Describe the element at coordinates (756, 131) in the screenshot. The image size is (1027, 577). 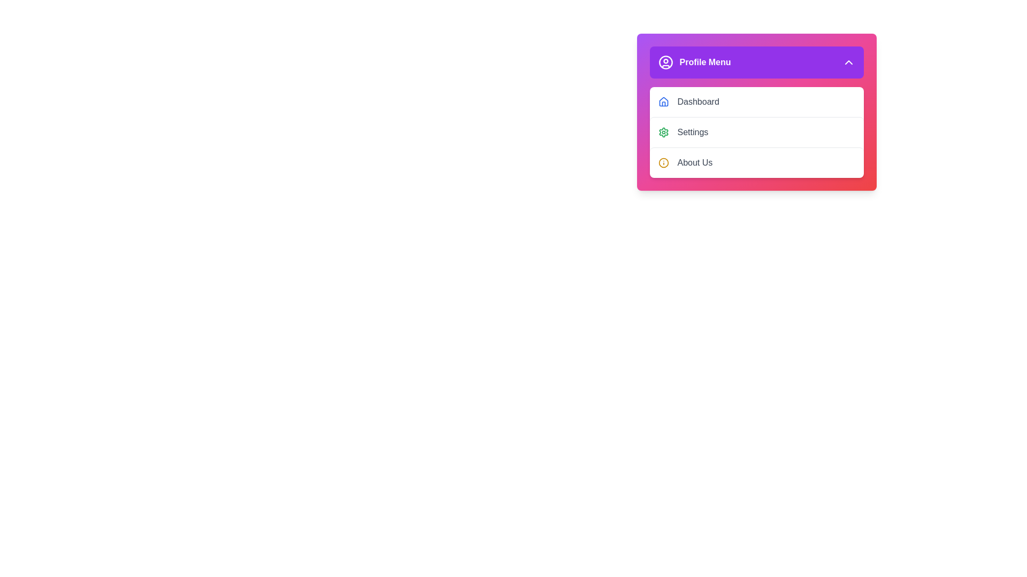
I see `the menu item Settings to observe its hover effect` at that location.